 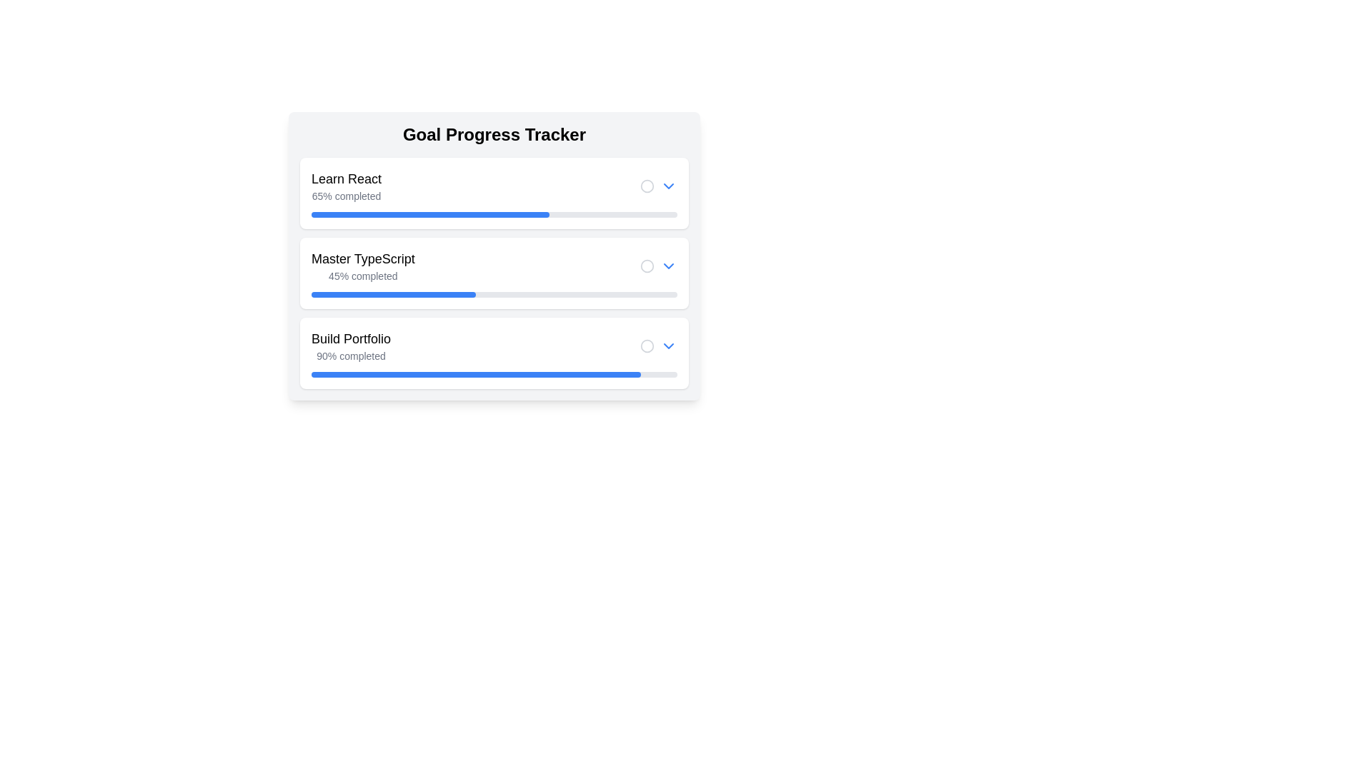 What do you see at coordinates (668, 346) in the screenshot?
I see `the blue downward-pointing chevron arrow button located next to the circular progress indicator of the third goal item in the tracker, which is part of the 'Build Portfolio' goal item` at bounding box center [668, 346].